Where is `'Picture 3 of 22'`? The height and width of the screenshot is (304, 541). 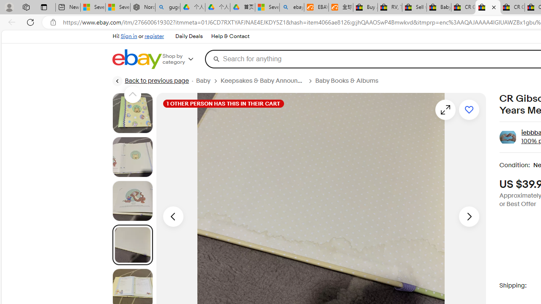 'Picture 3 of 22' is located at coordinates (132, 201).